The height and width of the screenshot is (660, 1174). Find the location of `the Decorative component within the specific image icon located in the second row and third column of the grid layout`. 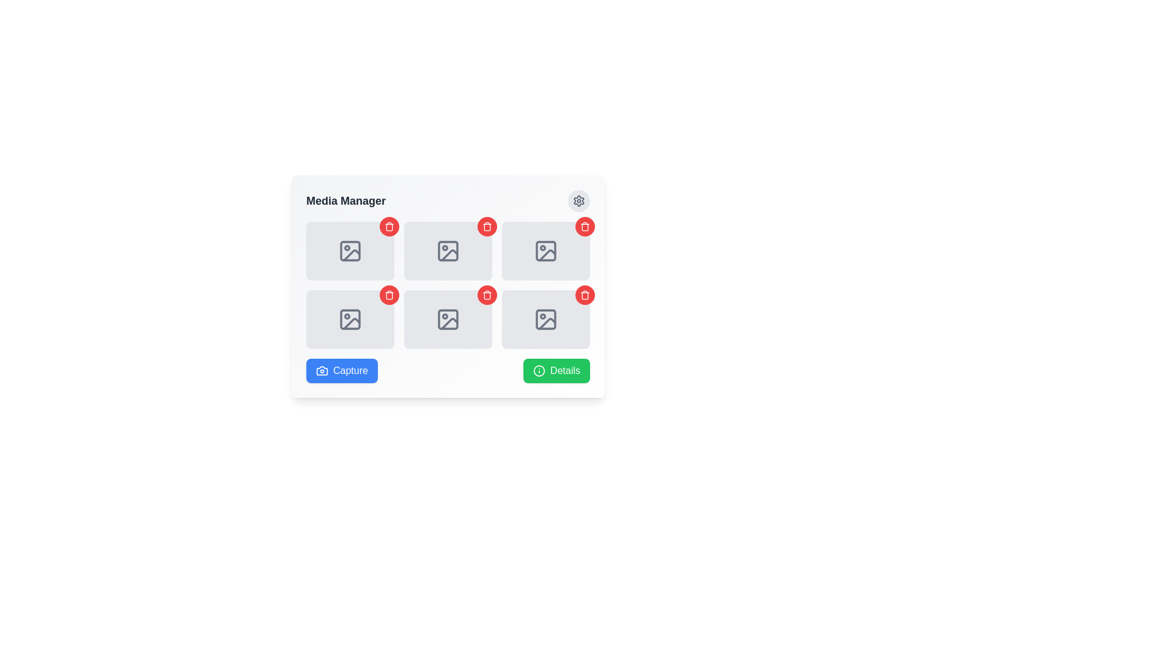

the Decorative component within the specific image icon located in the second row and third column of the grid layout is located at coordinates (545, 251).